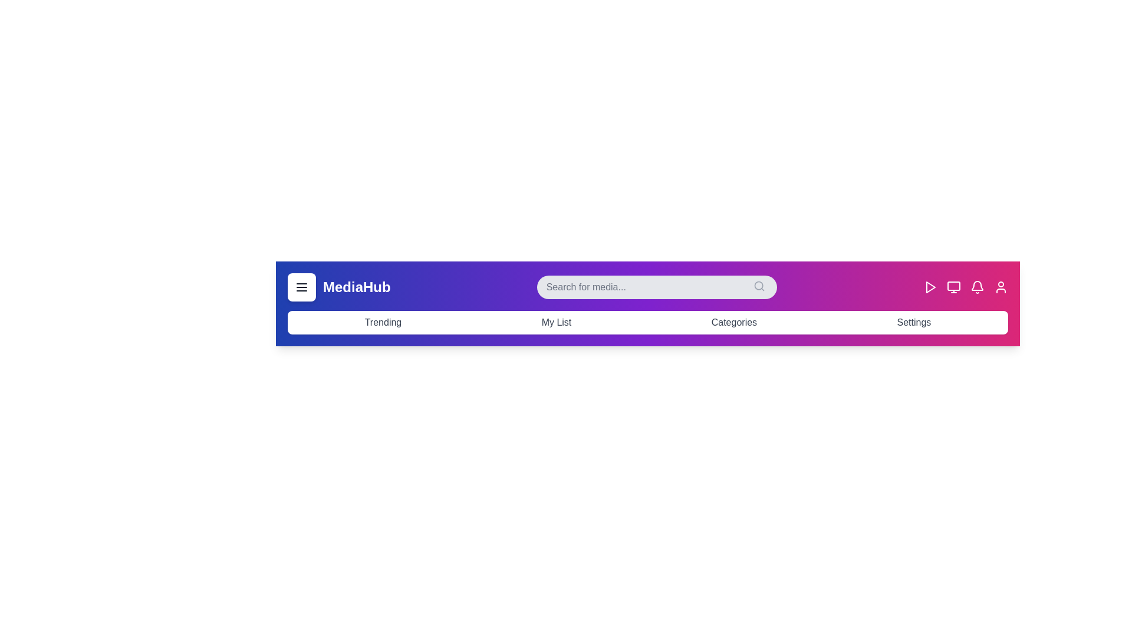 Image resolution: width=1132 pixels, height=636 pixels. What do you see at coordinates (383, 322) in the screenshot?
I see `the navigation menu item Trending` at bounding box center [383, 322].